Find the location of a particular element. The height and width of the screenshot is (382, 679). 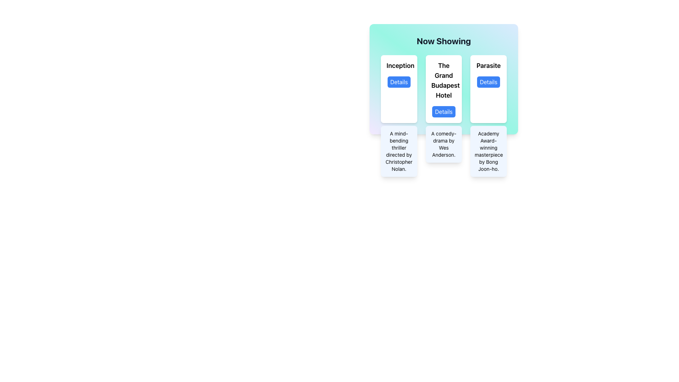

the movie card located in the second column of the grid layout under the 'Now Showing' section is located at coordinates (443, 88).